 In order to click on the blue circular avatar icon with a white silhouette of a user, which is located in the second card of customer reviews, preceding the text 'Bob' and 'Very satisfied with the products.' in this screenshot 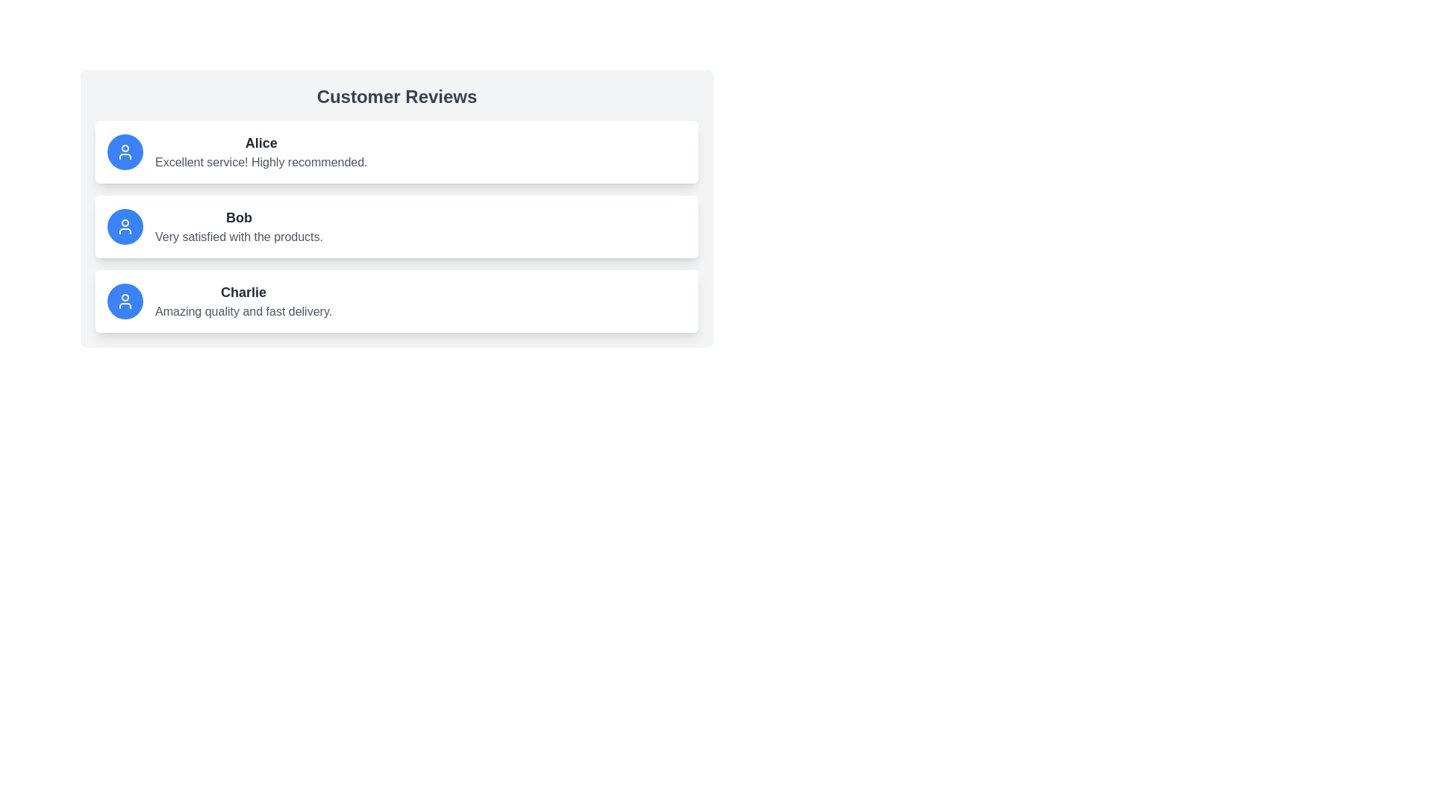, I will do `click(125, 227)`.